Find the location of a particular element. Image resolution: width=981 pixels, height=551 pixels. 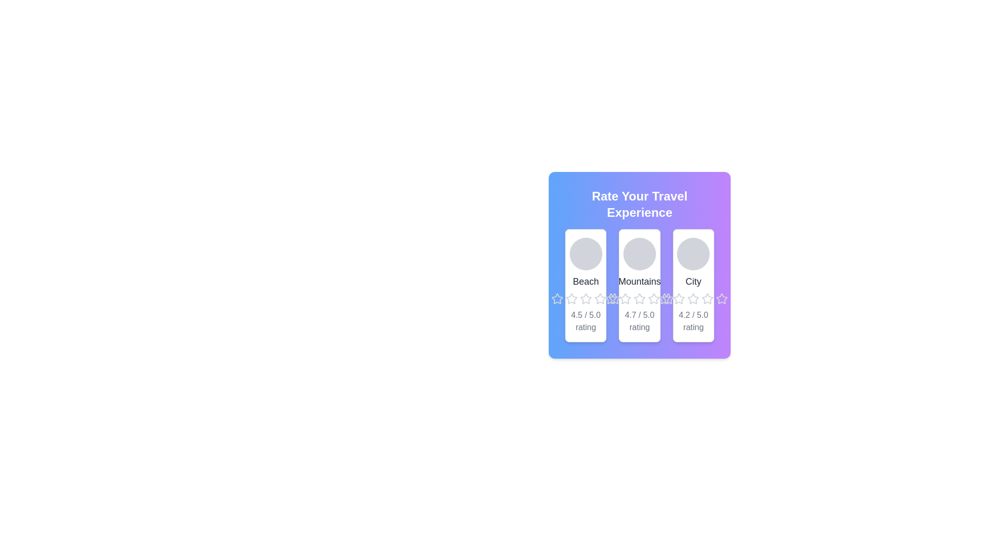

on the fourth star icon in the rating system under the 'Mountains' section is located at coordinates (639, 298).